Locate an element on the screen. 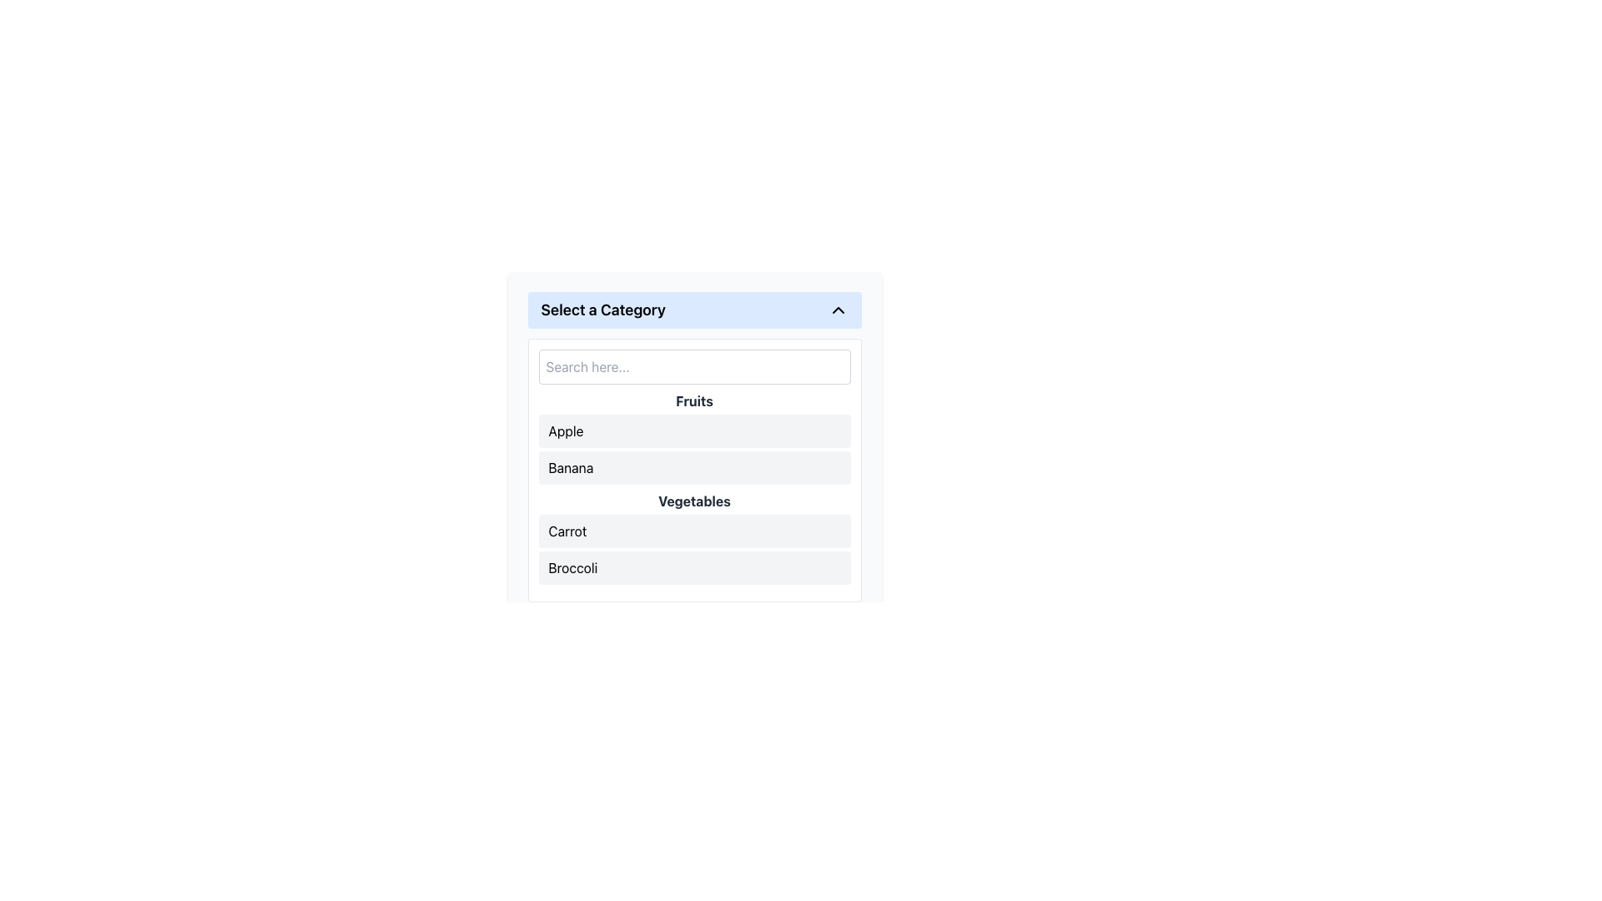 Image resolution: width=1602 pixels, height=901 pixels. the text label representing the selection option for 'Banana' in the 'Fruits' category menu is located at coordinates (571, 467).